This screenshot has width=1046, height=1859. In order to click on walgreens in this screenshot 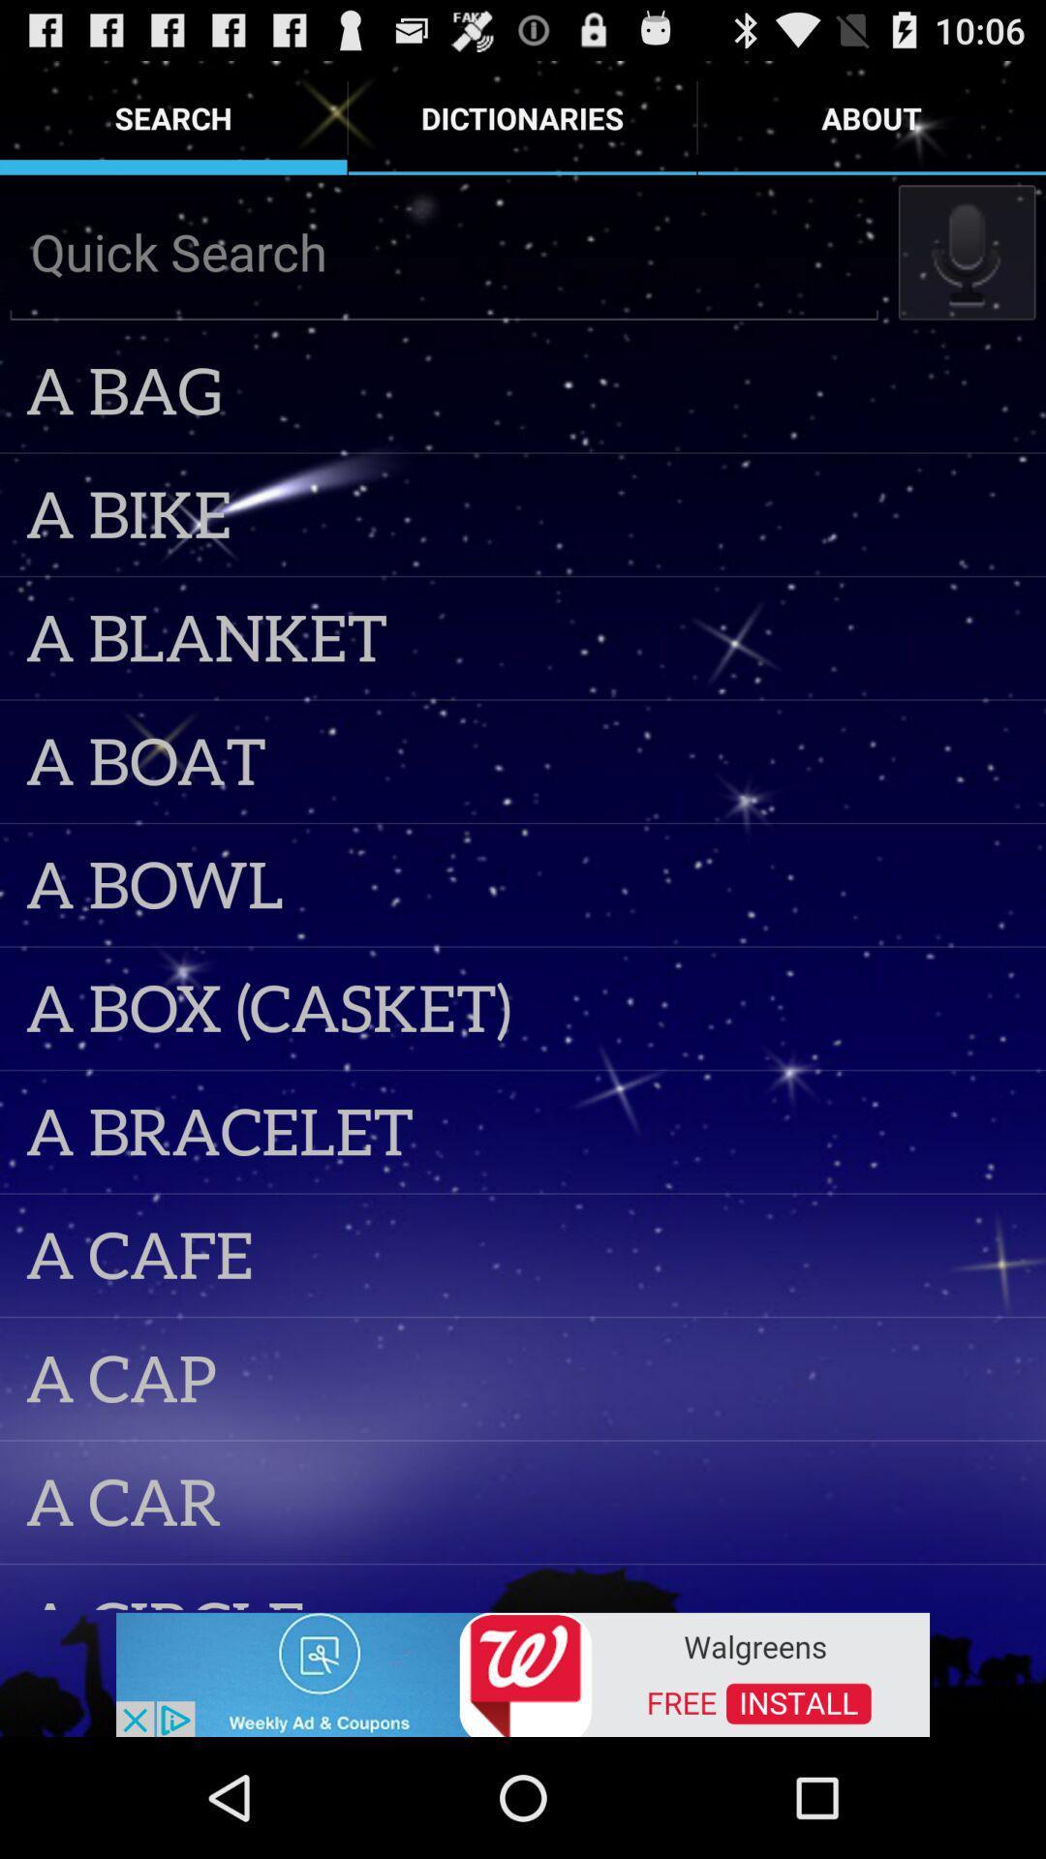, I will do `click(523, 1672)`.